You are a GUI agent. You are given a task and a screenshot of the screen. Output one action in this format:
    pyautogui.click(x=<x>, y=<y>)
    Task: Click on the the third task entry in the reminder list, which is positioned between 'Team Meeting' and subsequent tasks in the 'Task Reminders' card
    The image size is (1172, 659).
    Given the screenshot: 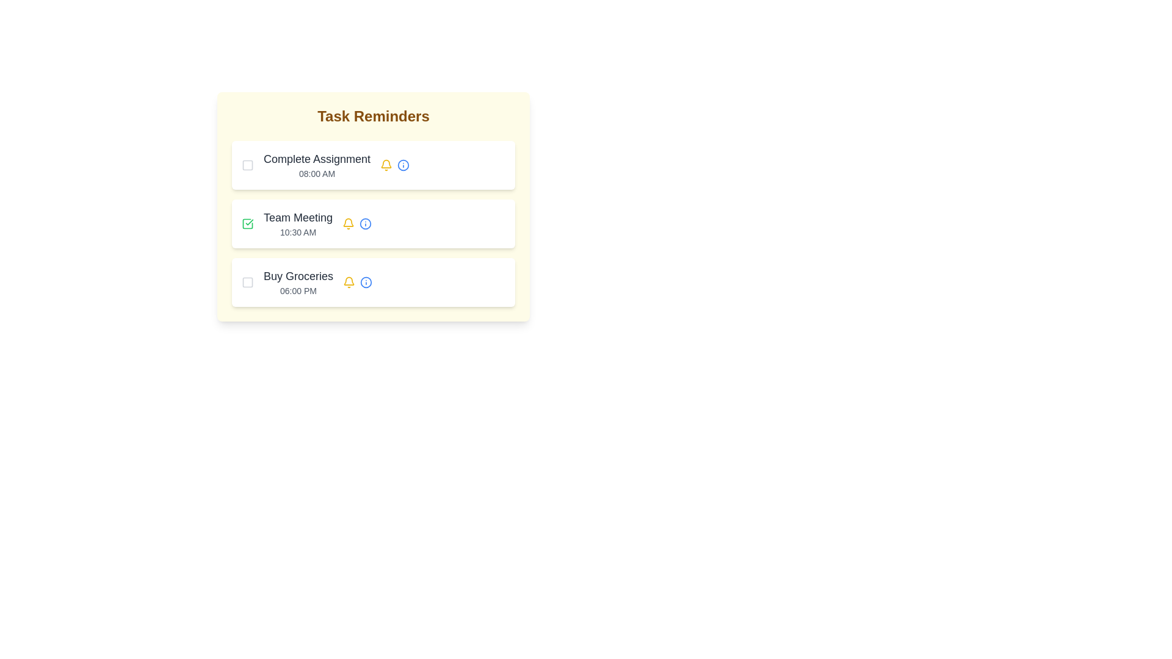 What is the action you would take?
    pyautogui.click(x=298, y=282)
    